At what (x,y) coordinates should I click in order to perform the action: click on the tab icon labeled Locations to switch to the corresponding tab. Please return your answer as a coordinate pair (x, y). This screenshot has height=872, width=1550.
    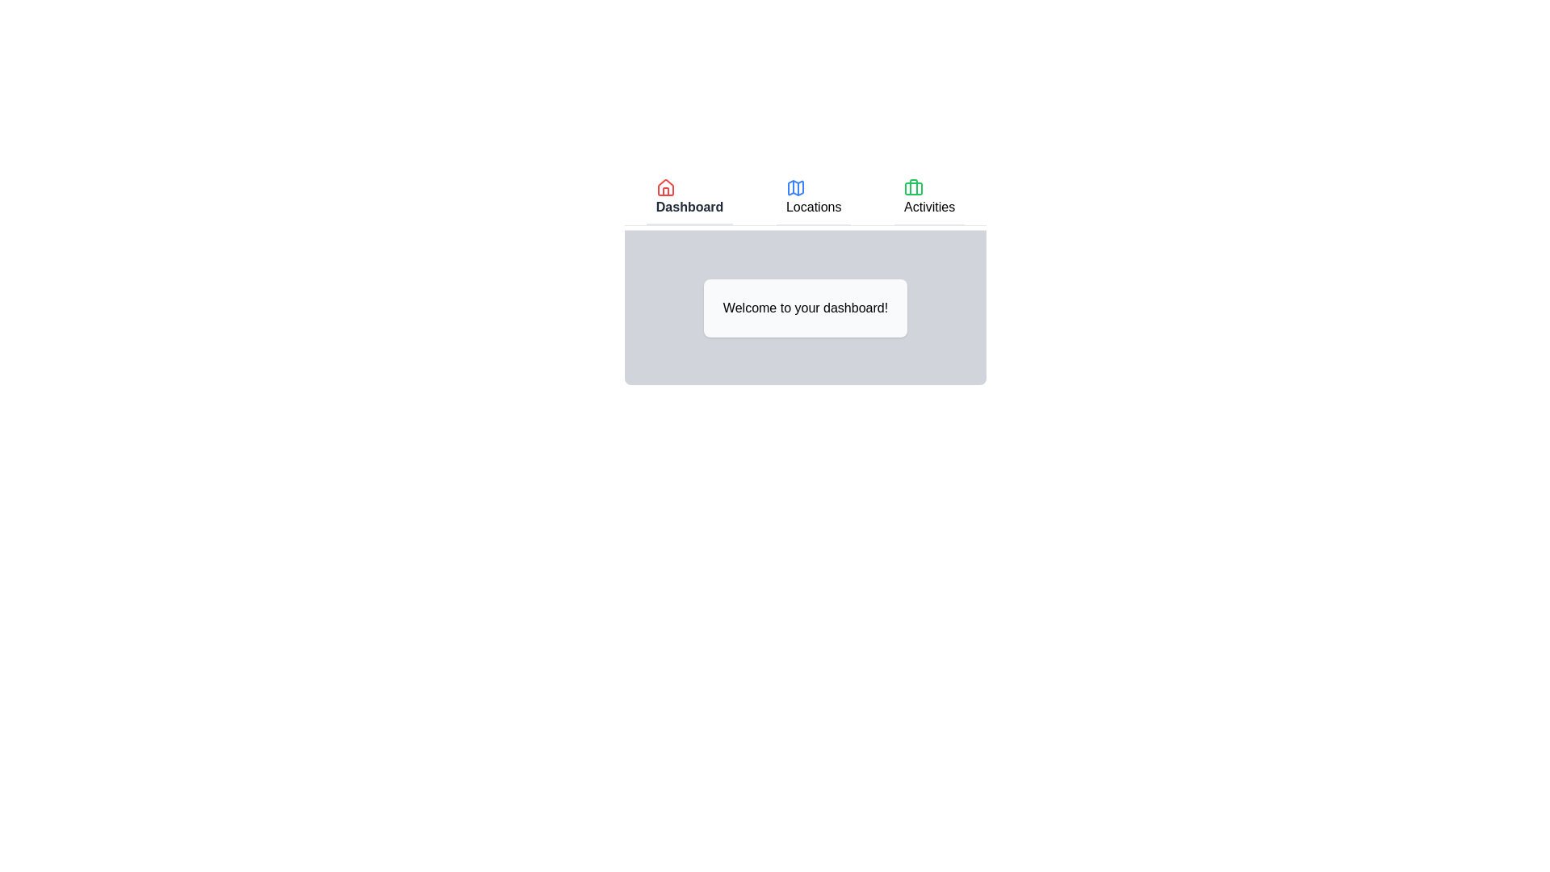
    Looking at the image, I should click on (795, 187).